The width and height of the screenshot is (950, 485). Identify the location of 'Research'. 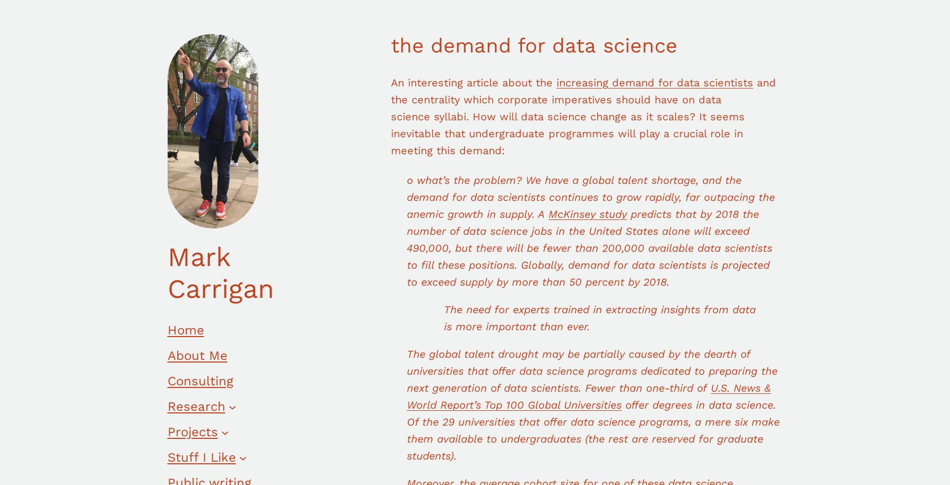
(196, 406).